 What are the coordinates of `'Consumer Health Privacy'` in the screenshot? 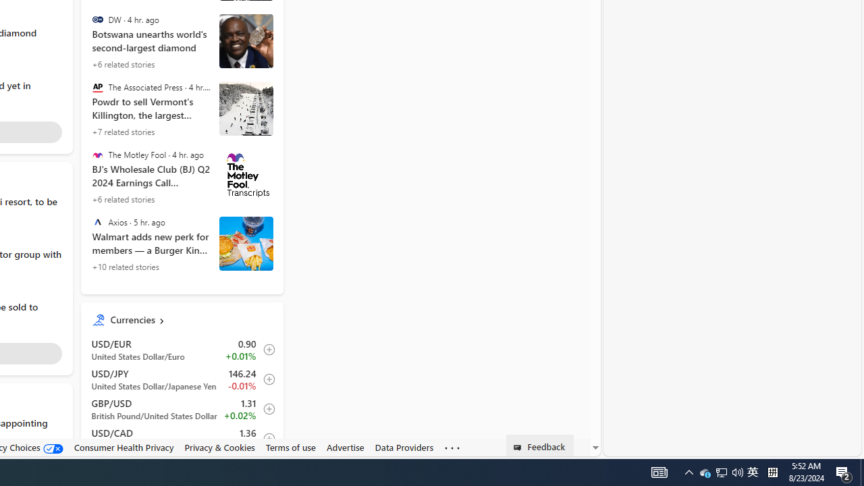 It's located at (124, 448).